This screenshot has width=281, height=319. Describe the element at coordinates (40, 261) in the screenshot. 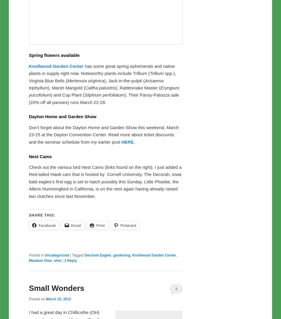

I see `'Meadow View'` at that location.